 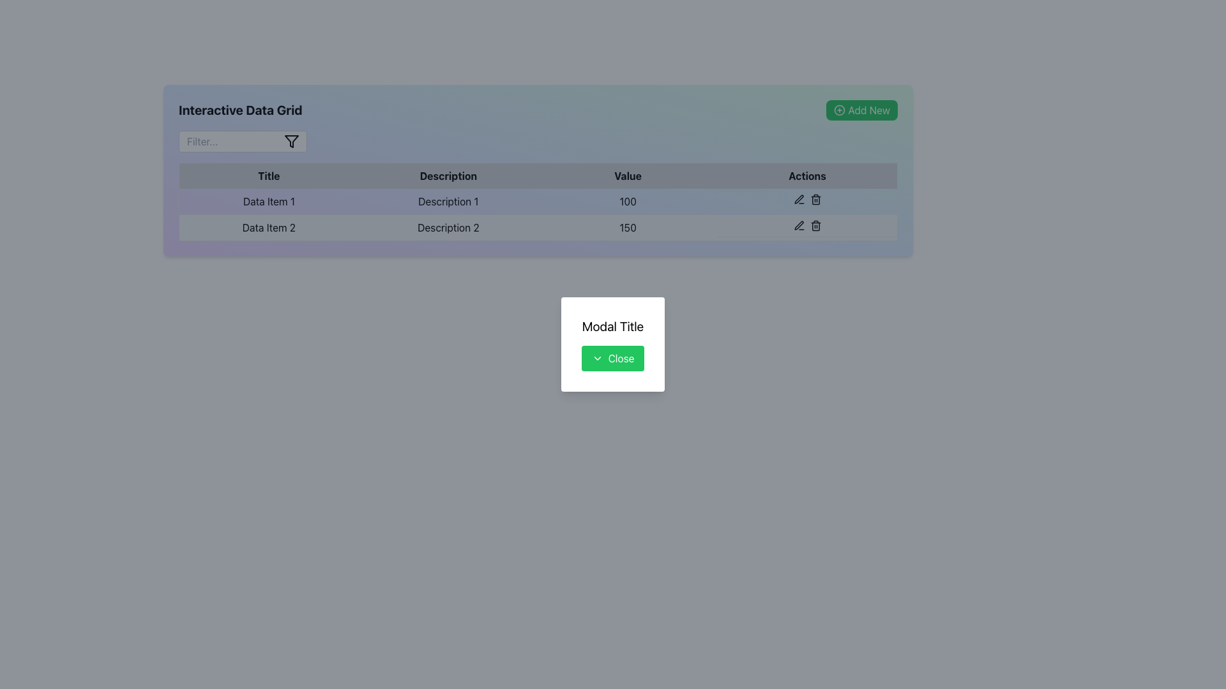 What do you see at coordinates (448, 227) in the screenshot?
I see `the descriptive text element located in the second row of the data grid table under the 'Description' column` at bounding box center [448, 227].